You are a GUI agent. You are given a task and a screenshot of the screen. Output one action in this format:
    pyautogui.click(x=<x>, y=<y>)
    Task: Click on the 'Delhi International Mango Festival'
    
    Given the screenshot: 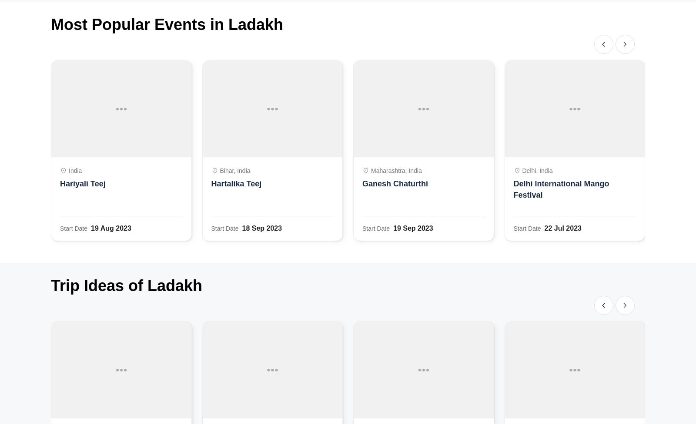 What is the action you would take?
    pyautogui.click(x=513, y=189)
    